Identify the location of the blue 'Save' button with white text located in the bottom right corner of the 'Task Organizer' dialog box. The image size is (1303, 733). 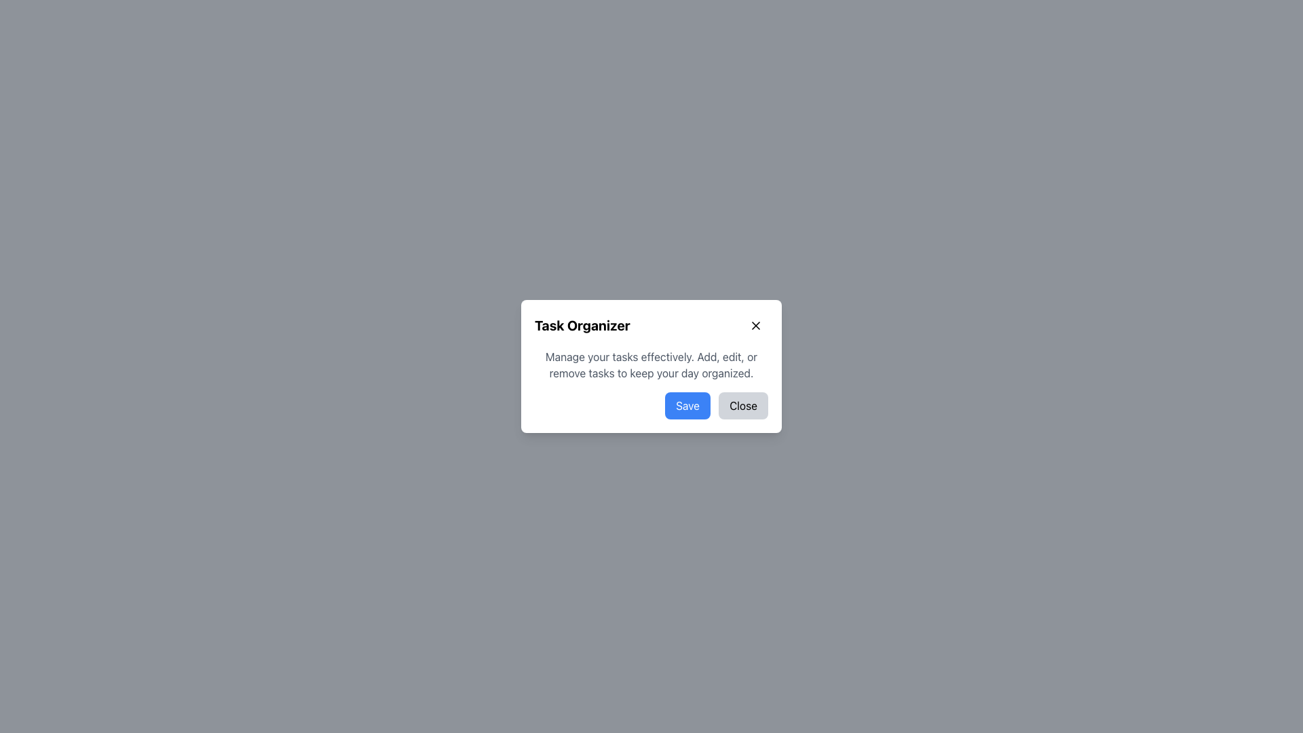
(687, 405).